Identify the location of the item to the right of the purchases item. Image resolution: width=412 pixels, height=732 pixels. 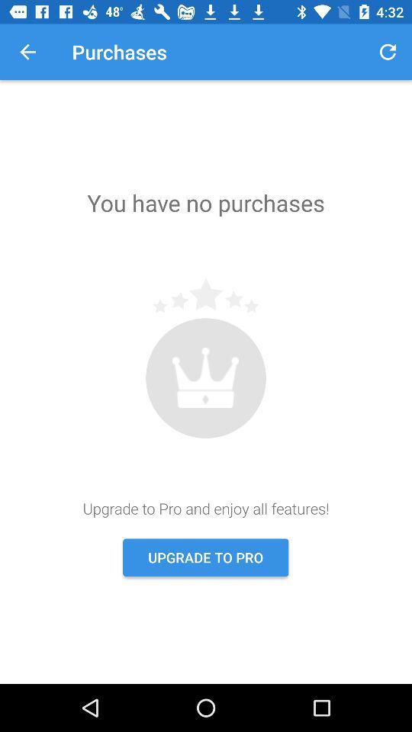
(388, 52).